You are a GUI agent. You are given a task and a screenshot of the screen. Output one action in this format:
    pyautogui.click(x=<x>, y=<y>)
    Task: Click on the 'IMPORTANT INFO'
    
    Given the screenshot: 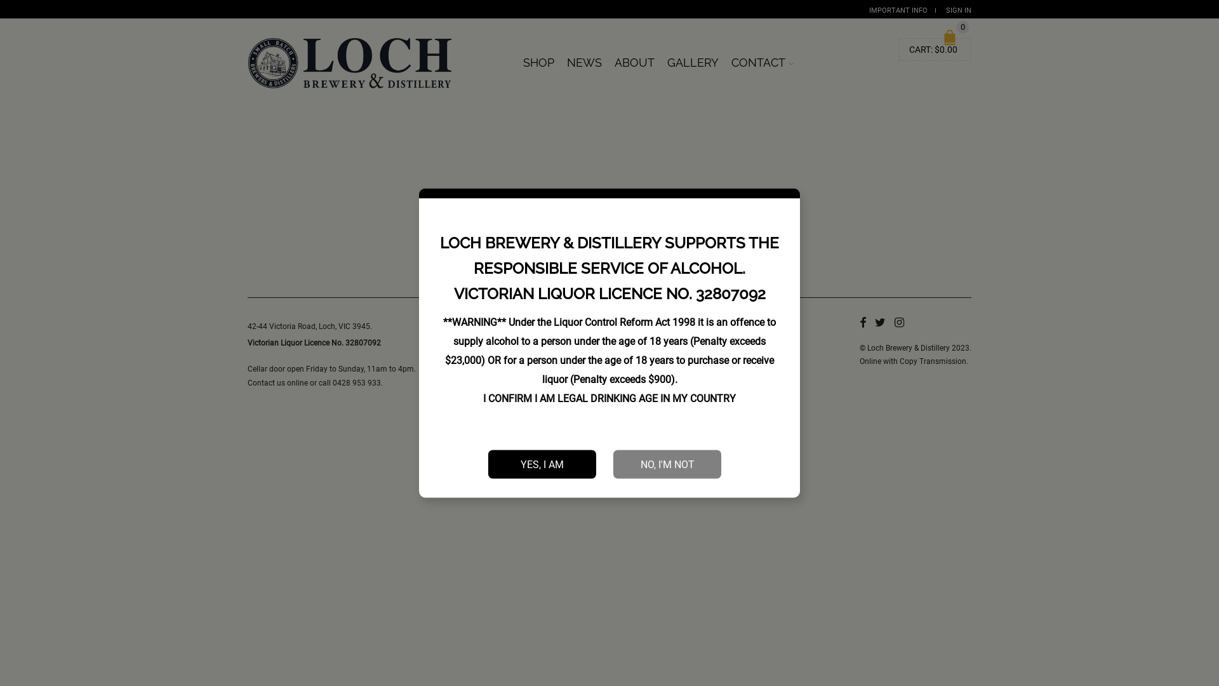 What is the action you would take?
    pyautogui.click(x=868, y=10)
    